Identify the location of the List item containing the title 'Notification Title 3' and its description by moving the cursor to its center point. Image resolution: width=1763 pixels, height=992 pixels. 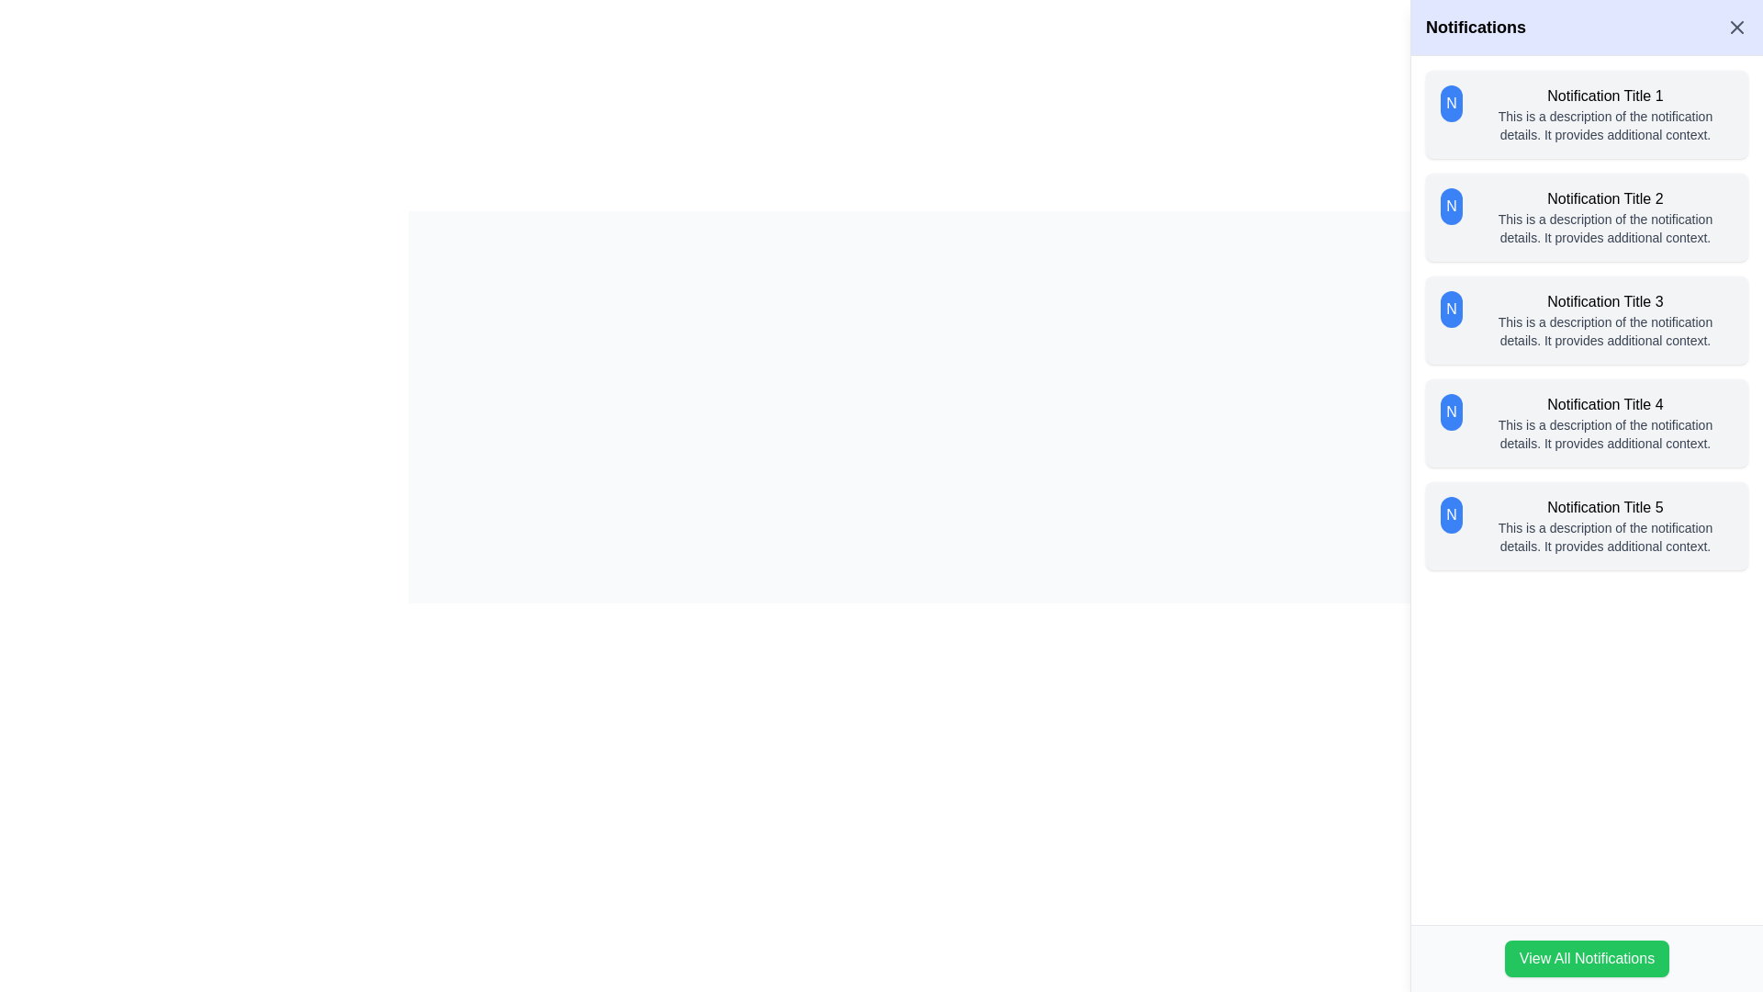
(1604, 319).